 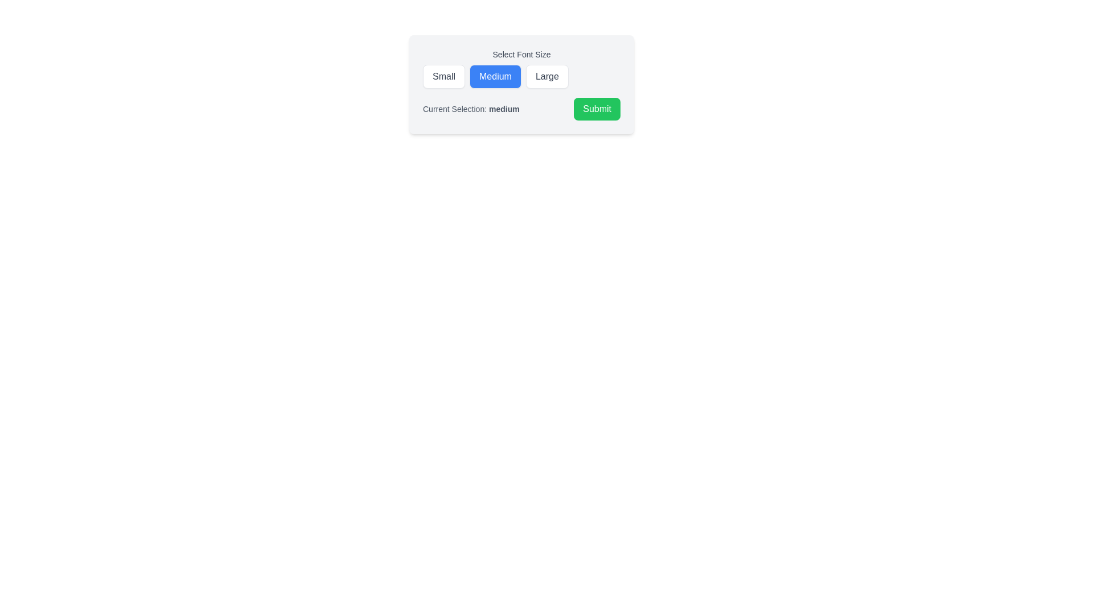 I want to click on the 'Small' font size button, which is the first button aligned horizontally under the text 'Select Font Size', so click(x=443, y=77).